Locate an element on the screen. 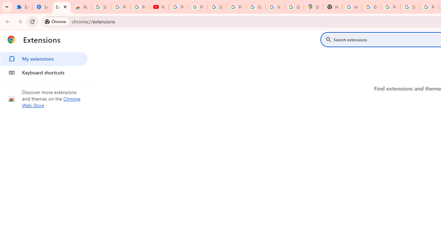 Image resolution: width=441 pixels, height=248 pixels. 'AutomationID: sectionMenu' is located at coordinates (44, 64).